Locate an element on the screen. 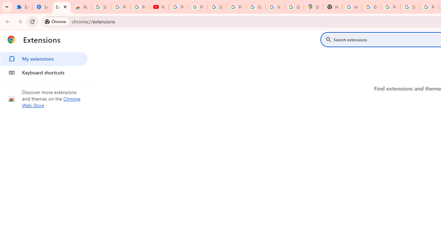 Image resolution: width=441 pixels, height=248 pixels. 'AutomationID: sectionMenu' is located at coordinates (44, 64).